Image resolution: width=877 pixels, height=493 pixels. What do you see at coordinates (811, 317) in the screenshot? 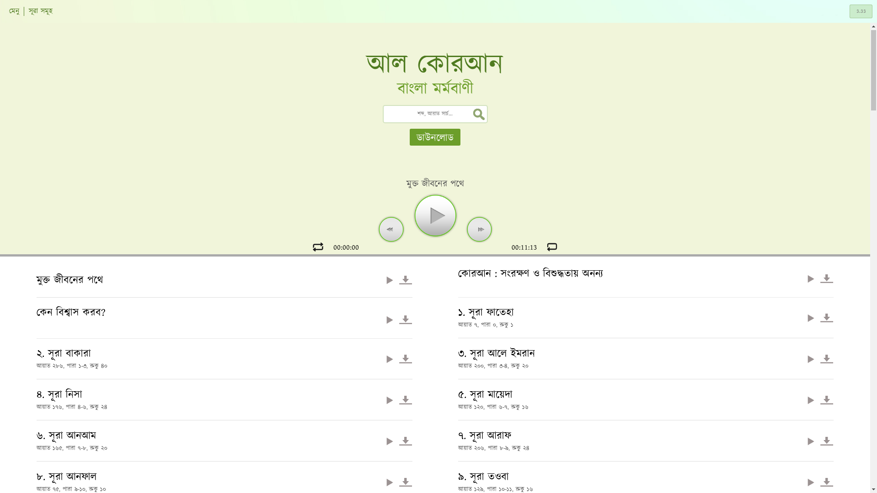
I see `'Play'` at bounding box center [811, 317].